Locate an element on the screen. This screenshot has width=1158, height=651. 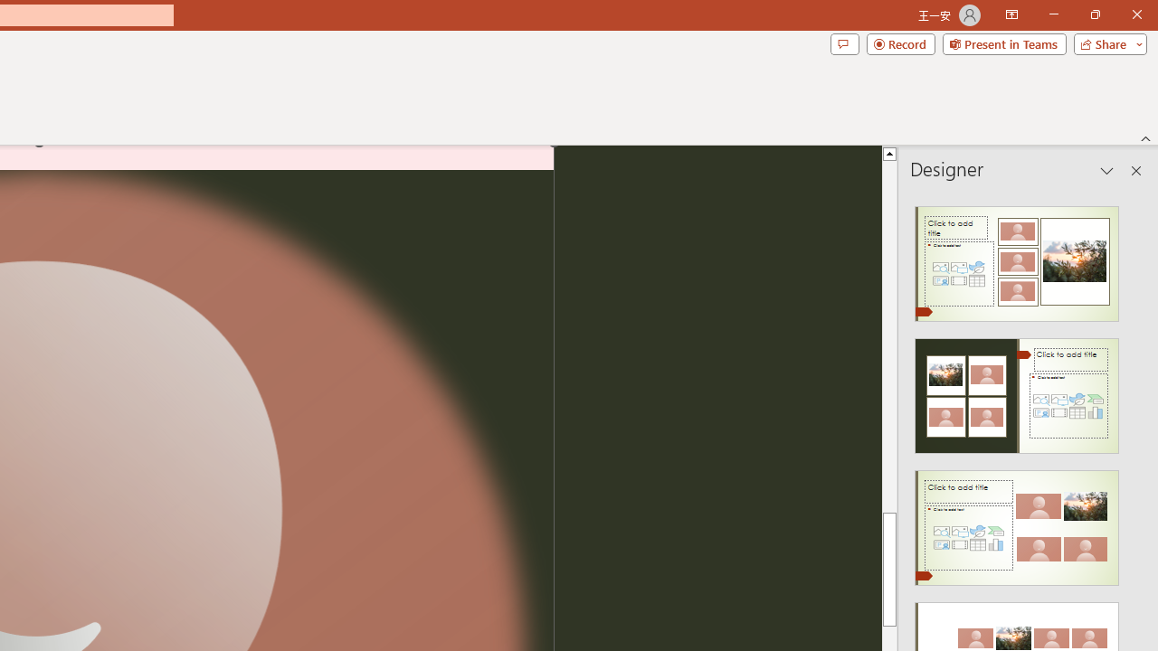
'Class: NetUIImage' is located at coordinates (1017, 528).